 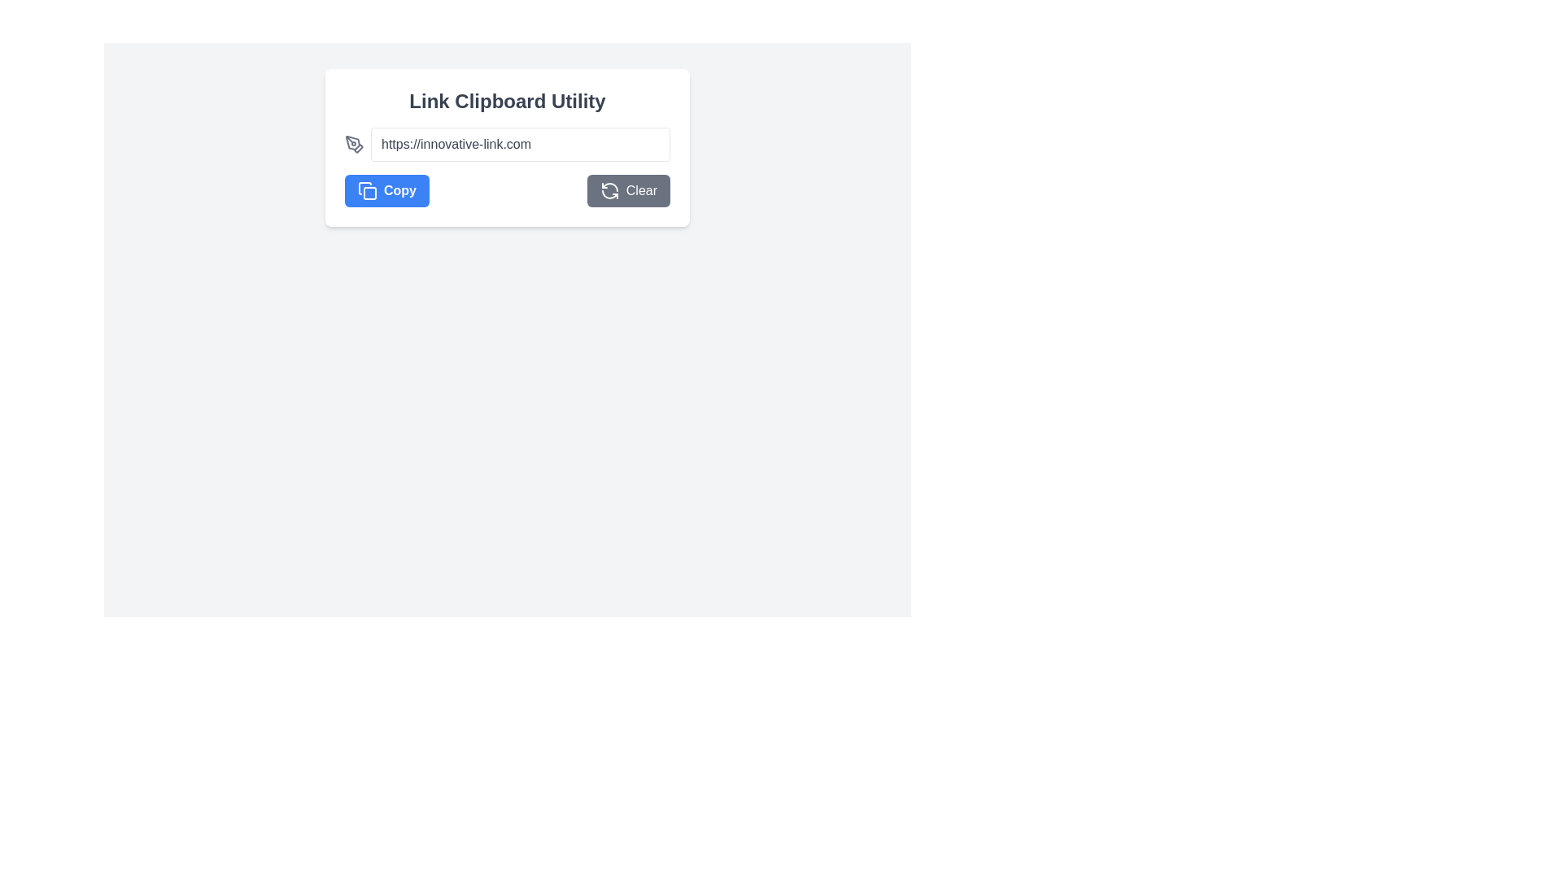 What do you see at coordinates (354, 143) in the screenshot?
I see `the decorative icon next to the URL text input field, which symbolizes an editing or creating action` at bounding box center [354, 143].